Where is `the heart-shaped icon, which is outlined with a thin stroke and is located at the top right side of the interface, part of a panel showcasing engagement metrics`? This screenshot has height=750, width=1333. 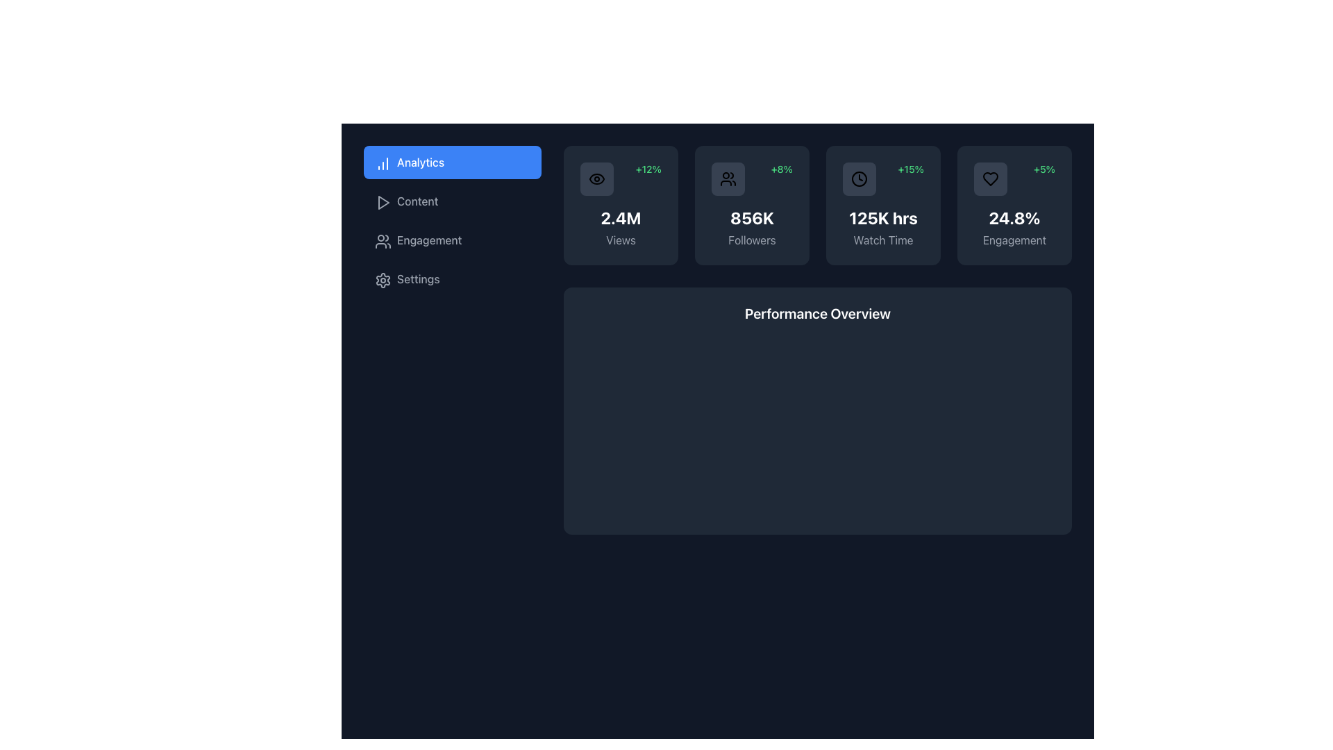
the heart-shaped icon, which is outlined with a thin stroke and is located at the top right side of the interface, part of a panel showcasing engagement metrics is located at coordinates (989, 178).